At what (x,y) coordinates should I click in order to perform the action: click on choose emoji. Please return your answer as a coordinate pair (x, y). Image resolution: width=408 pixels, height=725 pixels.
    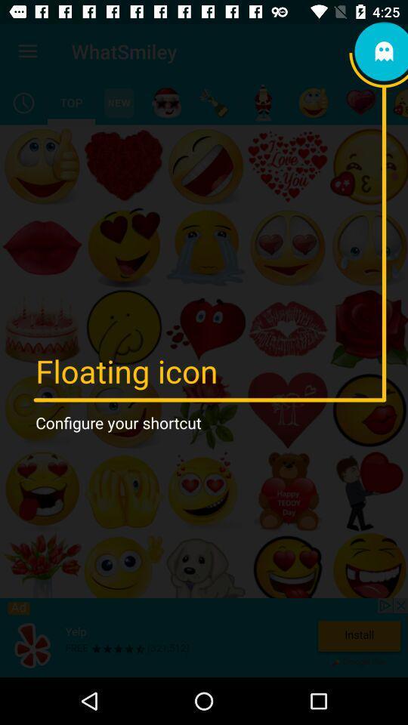
    Looking at the image, I should click on (165, 102).